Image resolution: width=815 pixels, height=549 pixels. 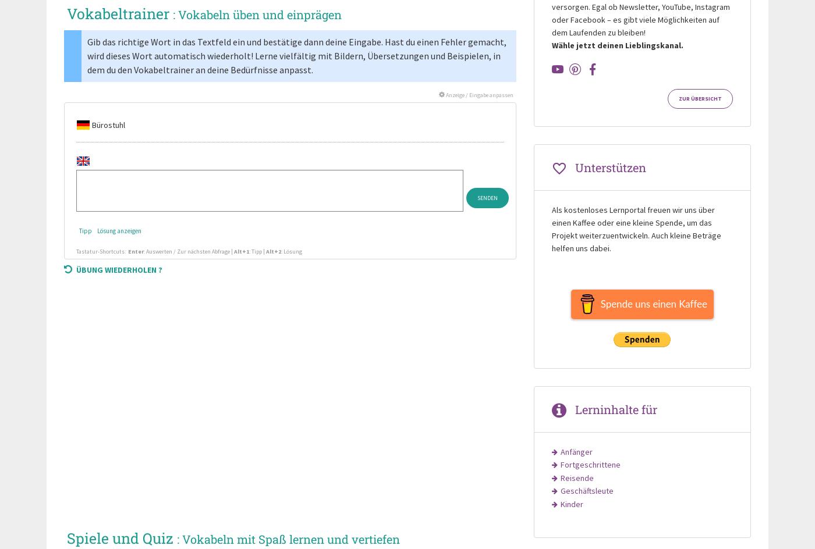 What do you see at coordinates (119, 269) in the screenshot?
I see `'Übung wiederholen ?'` at bounding box center [119, 269].